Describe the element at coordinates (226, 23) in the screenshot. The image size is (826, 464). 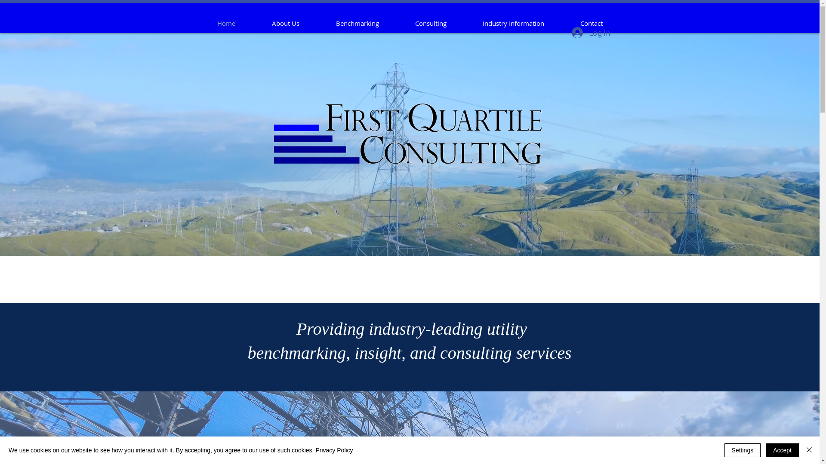
I see `'Home'` at that location.